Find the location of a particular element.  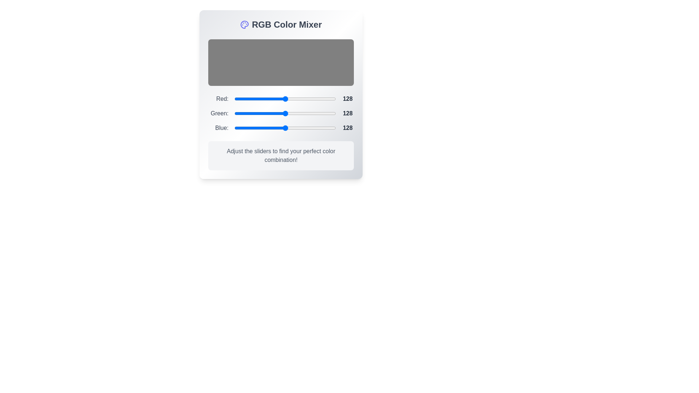

the 1 slider to 44 is located at coordinates (252, 114).